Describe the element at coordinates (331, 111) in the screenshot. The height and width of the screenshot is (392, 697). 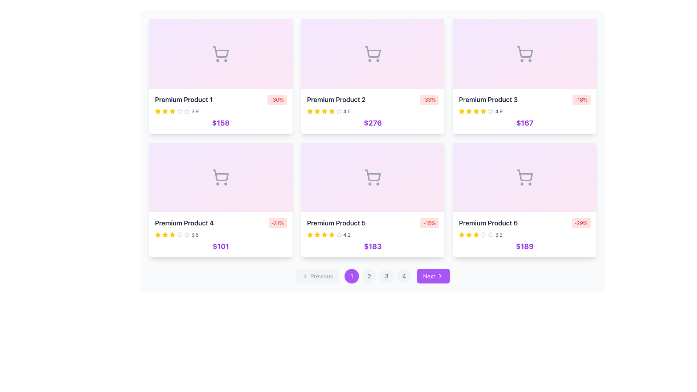
I see `fifth yellow rating star element in the rating bar beneath 'Premium Product 2' using developer tools` at that location.